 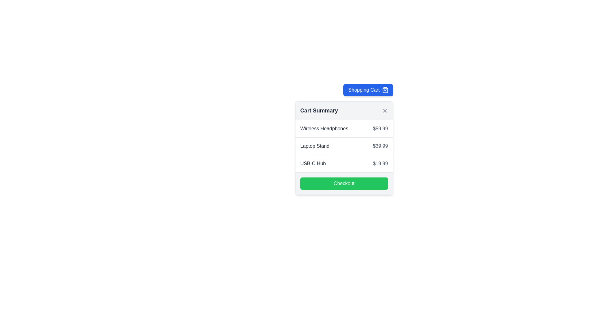 What do you see at coordinates (344, 128) in the screenshot?
I see `the list item displaying 'Wireless Headphones' priced at '$59.99' in the shopping cart overview` at bounding box center [344, 128].